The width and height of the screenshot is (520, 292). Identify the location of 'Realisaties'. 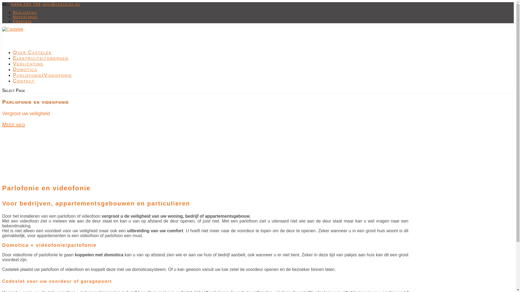
(25, 12).